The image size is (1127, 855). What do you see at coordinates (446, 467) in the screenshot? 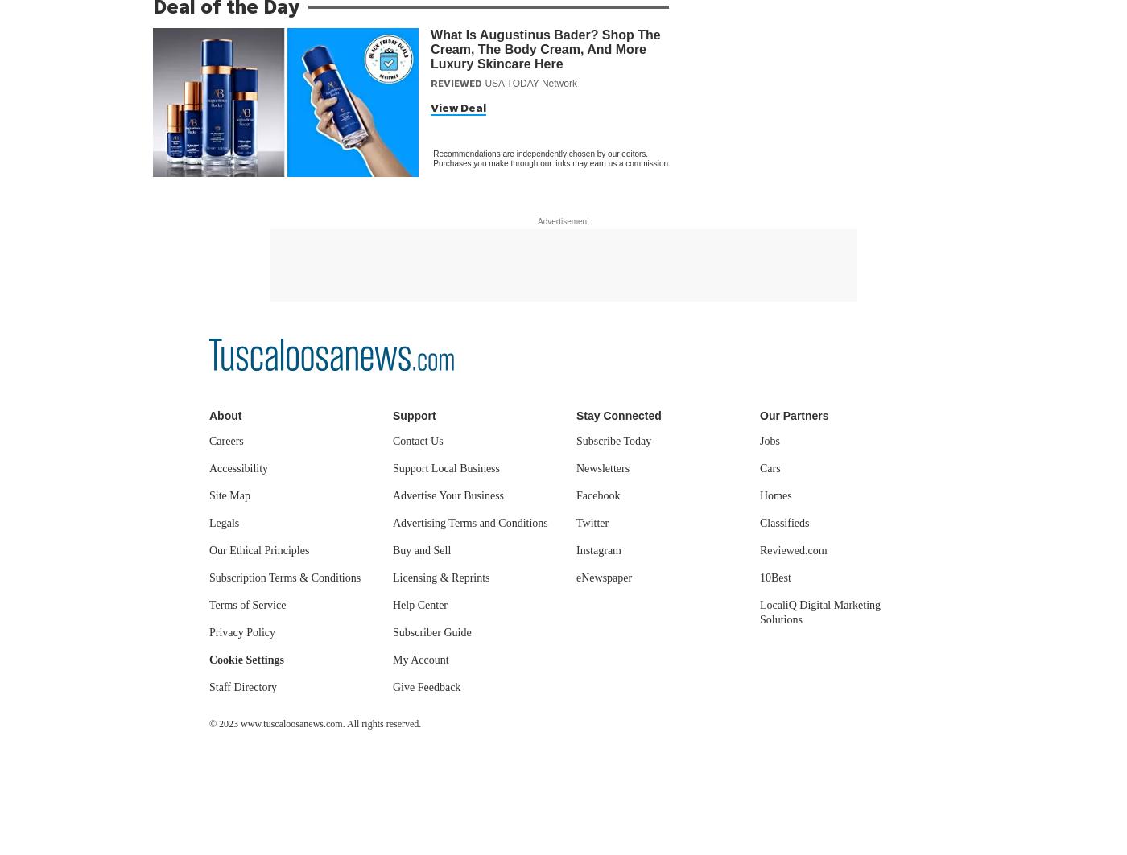
I see `'Support Local Business'` at bounding box center [446, 467].